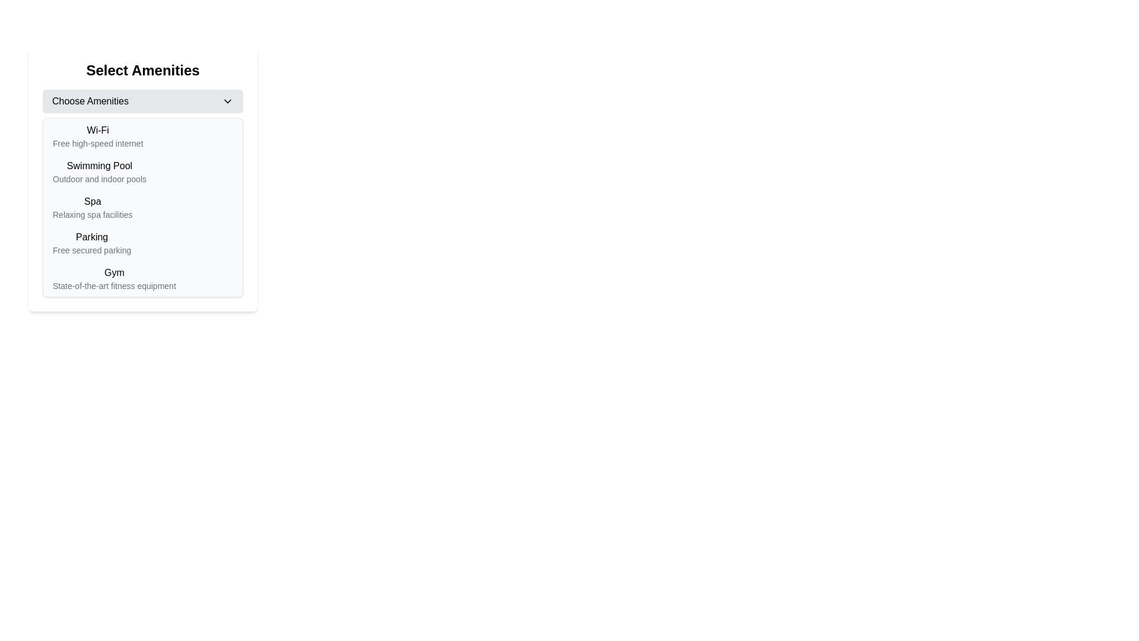 This screenshot has width=1139, height=641. Describe the element at coordinates (142, 136) in the screenshot. I see `the first list item labeled 'Wi-Fi' that describes 'Free high-speed internet', which is part of the amenities section below the 'Choose Amenities' dropdown` at that location.